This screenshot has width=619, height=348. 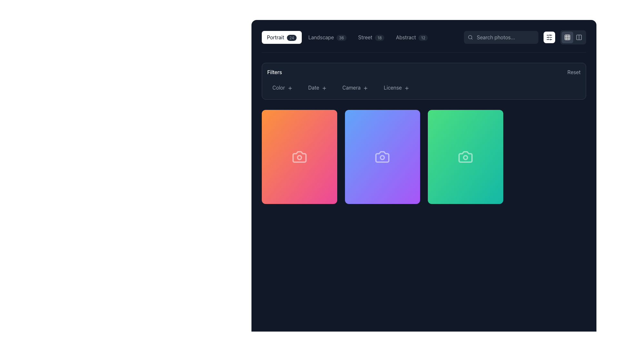 I want to click on the first card in the grid of cards displayed below the 'Filters' section, so click(x=299, y=157).